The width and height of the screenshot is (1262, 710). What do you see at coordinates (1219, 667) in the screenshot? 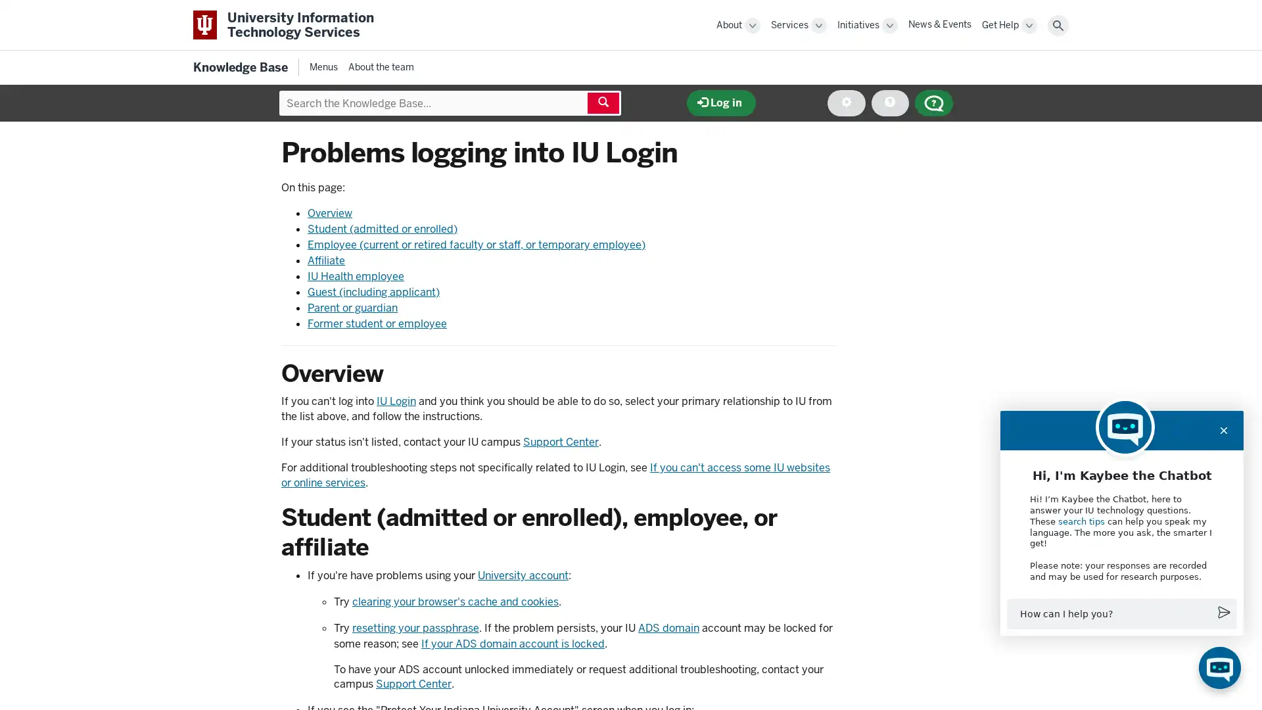
I see `Hi, I'm Kaybee the Chatbot. Hi! Im Kaybee the Chatbot, here to answer your IU technology questions. These <a href="https://kb.iu.edu/d/bgpf#tips">search tips</a> can help you speak my language. The more you ask, the smarter I get!<br><br>Please note: your responses are recorded and may be used for research purposes. Click or press Enter to open the chat` at bounding box center [1219, 667].